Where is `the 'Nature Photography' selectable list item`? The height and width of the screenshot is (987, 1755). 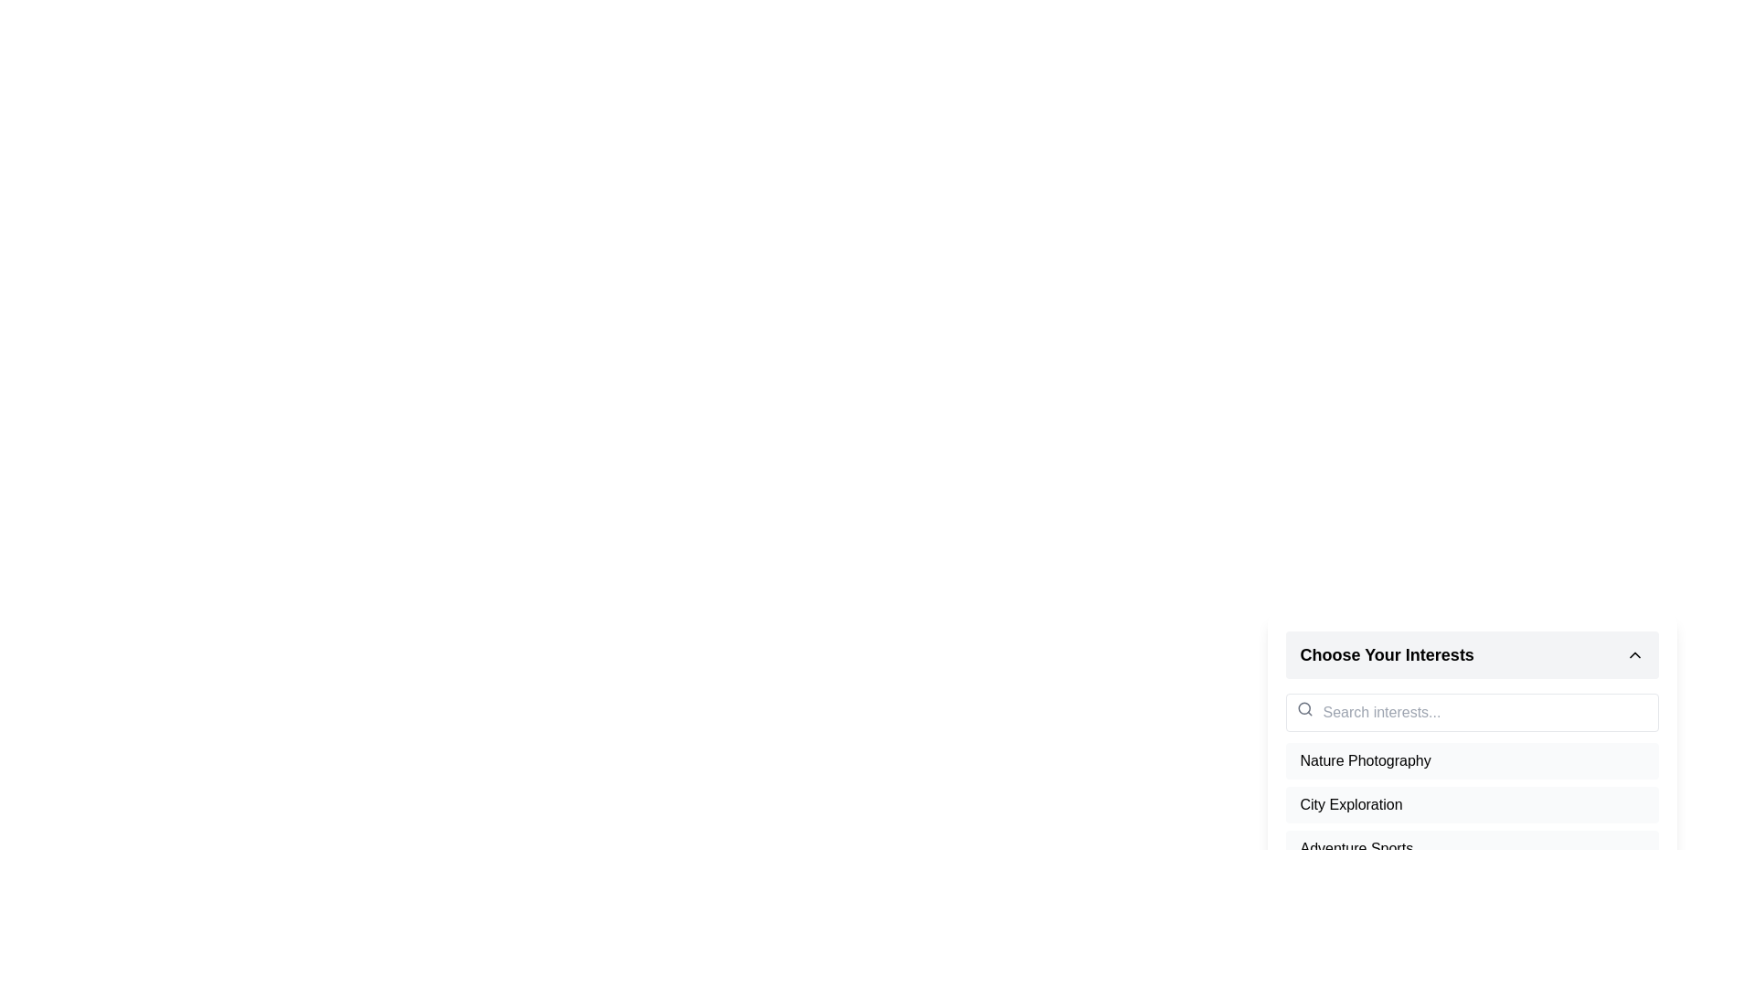
the 'Nature Photography' selectable list item is located at coordinates (1472, 761).